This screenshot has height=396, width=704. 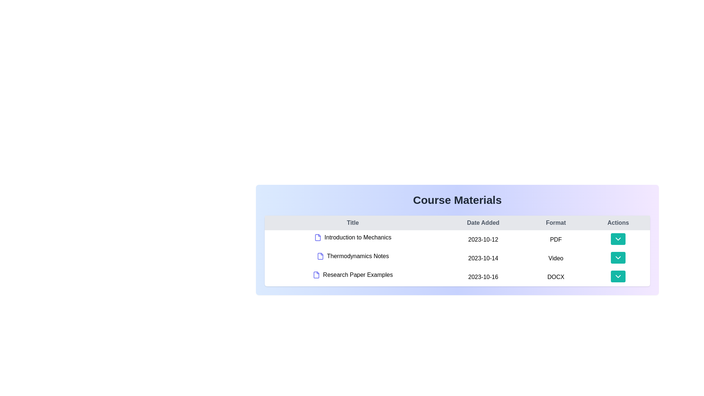 What do you see at coordinates (617, 258) in the screenshot?
I see `the teal-colored button with rounded corners in the 'Actions' column of the table, which is aligned with the 'Thermodynamics Notes' row` at bounding box center [617, 258].